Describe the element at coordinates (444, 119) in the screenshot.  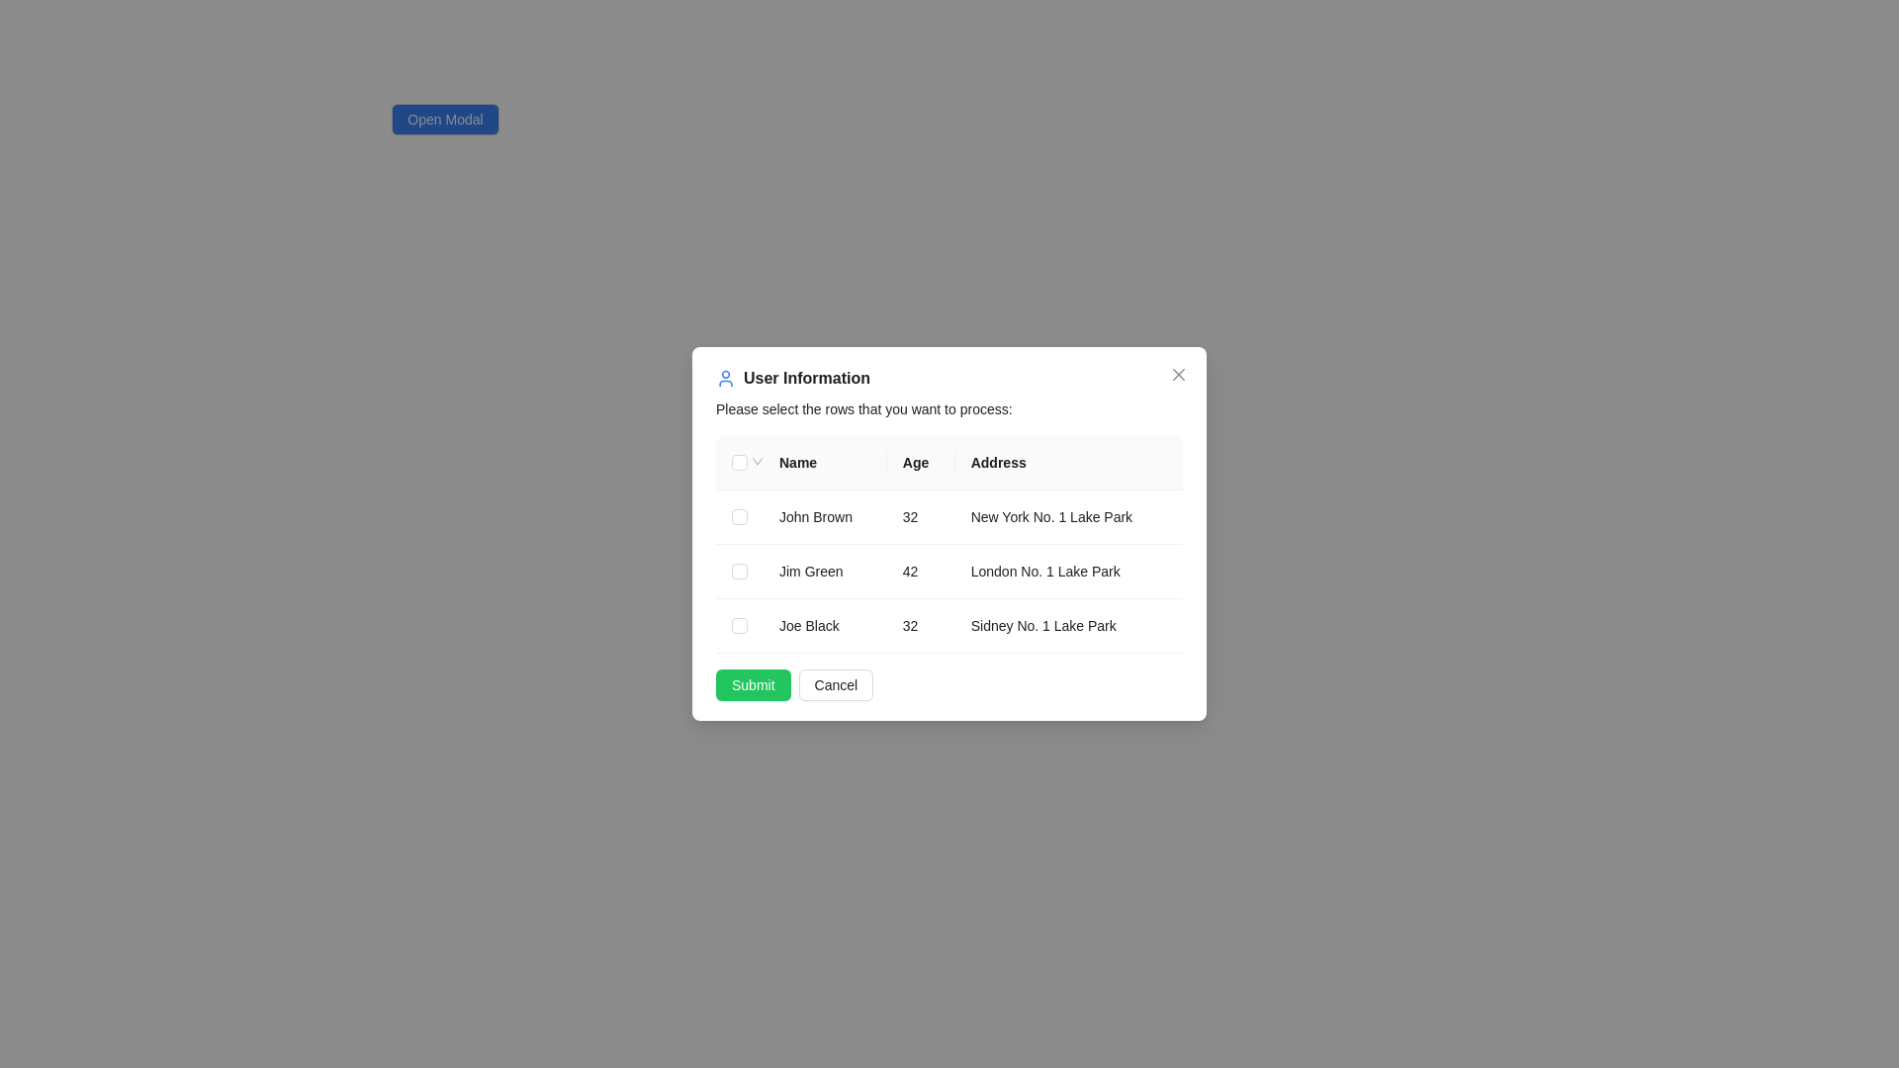
I see `the text within the button that signals its purpose, located in the upper central area of the interface` at that location.